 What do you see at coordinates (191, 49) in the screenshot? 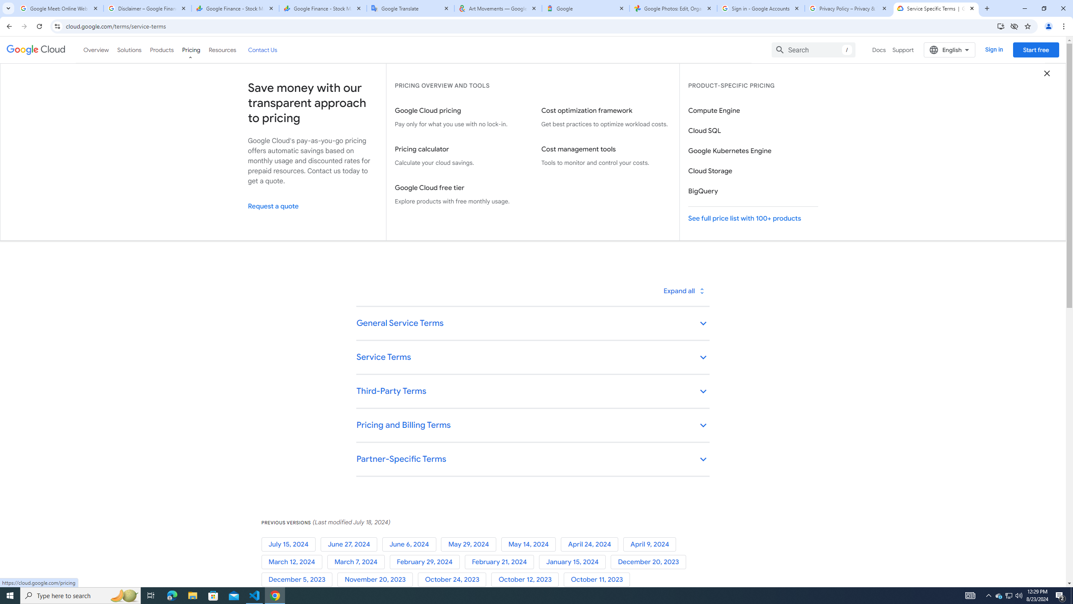
I see `'Pricing'` at bounding box center [191, 49].